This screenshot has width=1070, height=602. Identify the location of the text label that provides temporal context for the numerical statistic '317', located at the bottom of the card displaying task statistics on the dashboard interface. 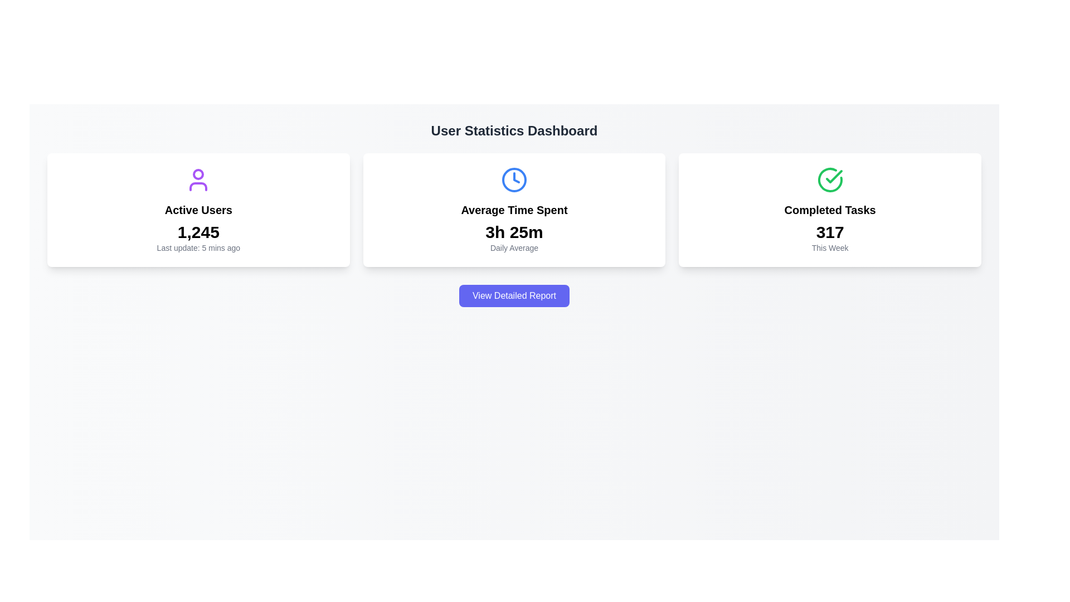
(830, 247).